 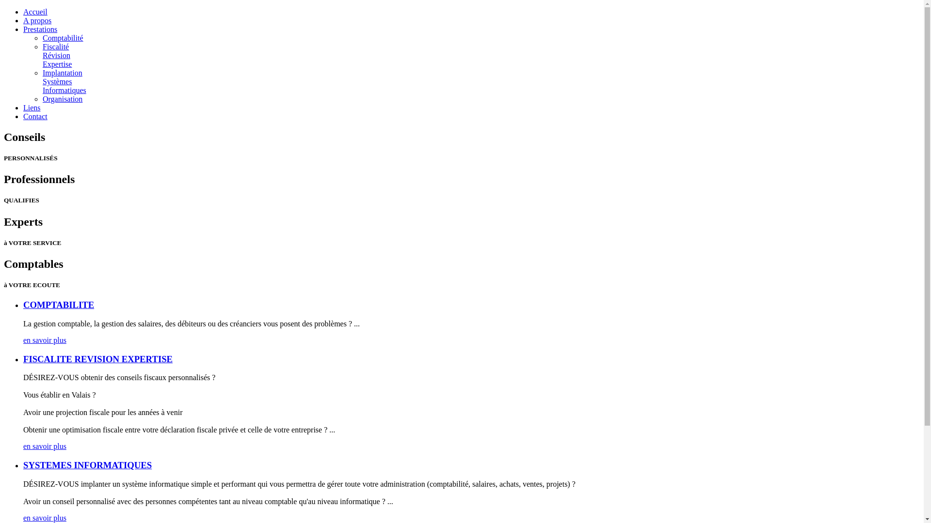 I want to click on 'SYSTEMES INFORMATIQUES', so click(x=23, y=464).